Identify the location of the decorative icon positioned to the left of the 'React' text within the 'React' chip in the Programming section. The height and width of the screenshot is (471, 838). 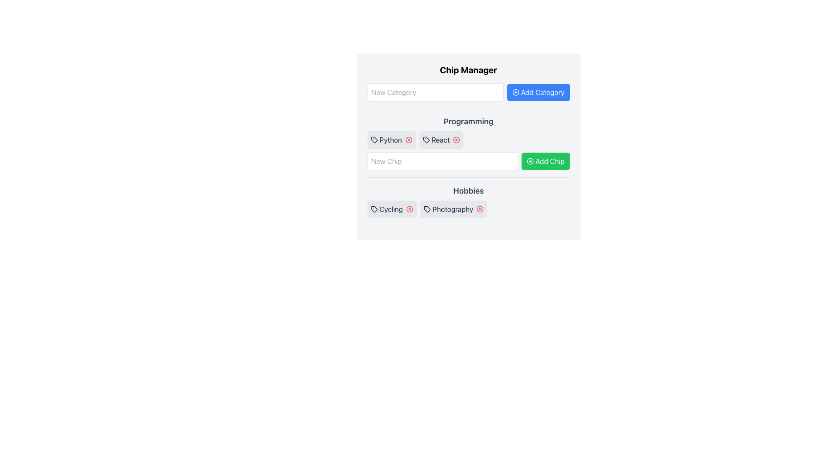
(426, 139).